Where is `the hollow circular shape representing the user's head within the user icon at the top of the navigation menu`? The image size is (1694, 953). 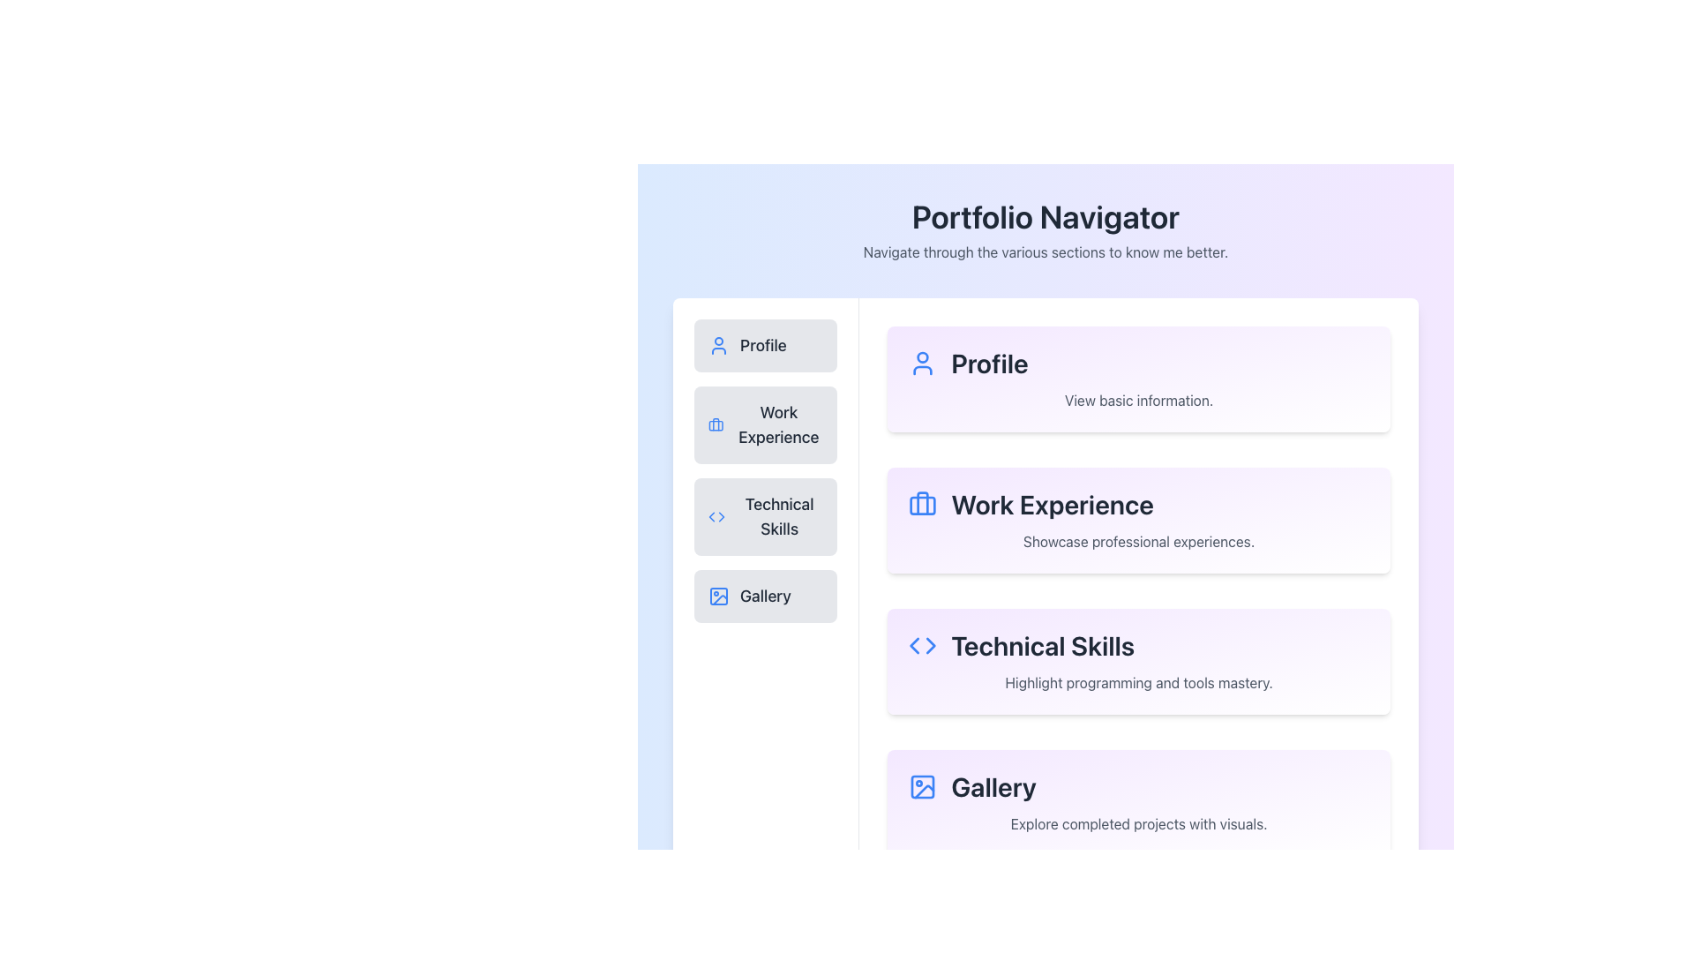
the hollow circular shape representing the user's head within the user icon at the top of the navigation menu is located at coordinates (922, 357).